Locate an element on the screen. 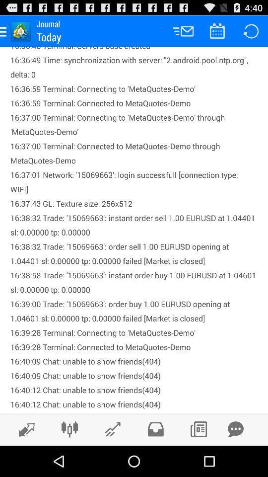 Image resolution: width=268 pixels, height=477 pixels. item at the center is located at coordinates (134, 230).